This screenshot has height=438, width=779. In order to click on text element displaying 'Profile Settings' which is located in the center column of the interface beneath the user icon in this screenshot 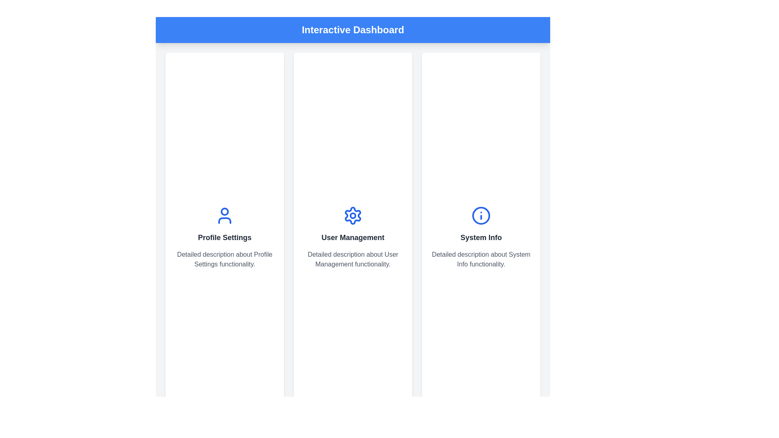, I will do `click(224, 237)`.